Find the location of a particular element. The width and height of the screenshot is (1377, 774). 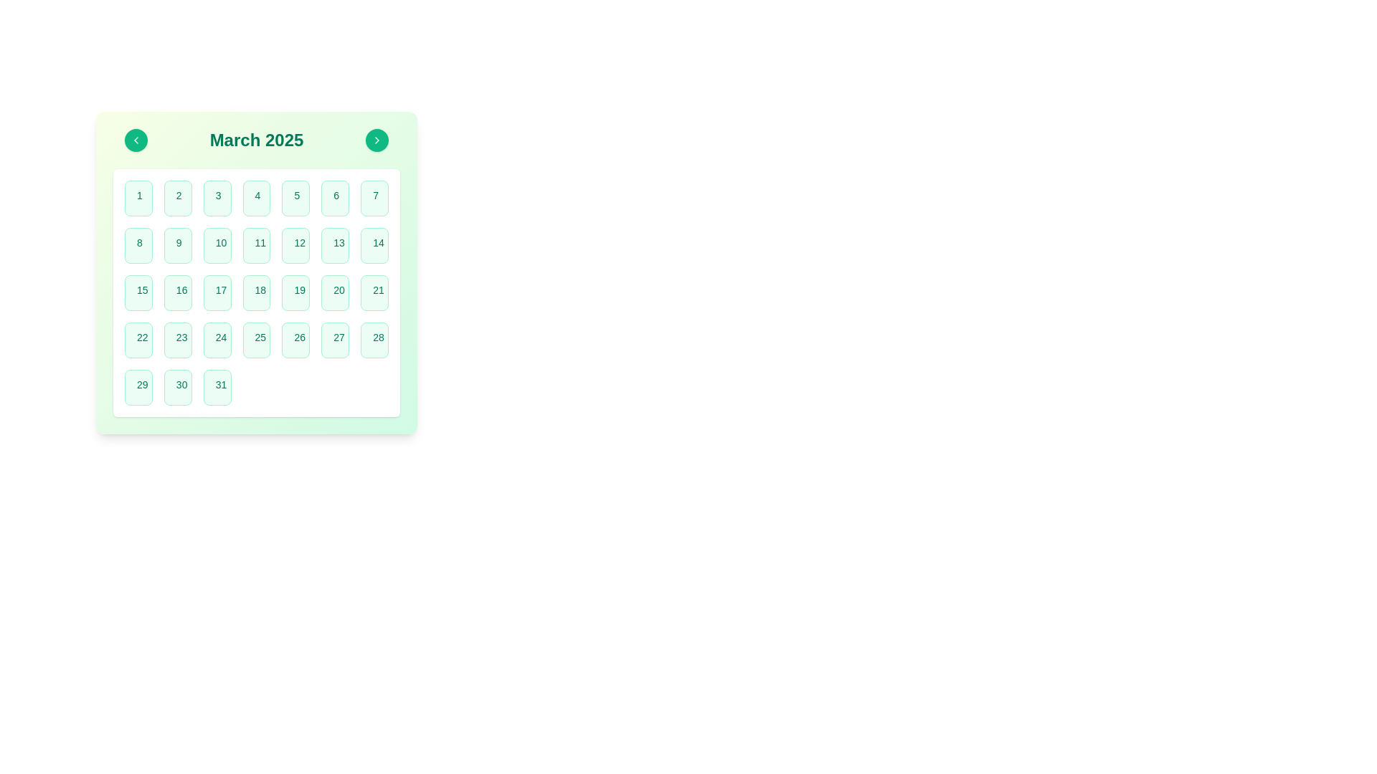

the green circular button containing the right-pointing chevron arrow icon is located at coordinates (377, 140).